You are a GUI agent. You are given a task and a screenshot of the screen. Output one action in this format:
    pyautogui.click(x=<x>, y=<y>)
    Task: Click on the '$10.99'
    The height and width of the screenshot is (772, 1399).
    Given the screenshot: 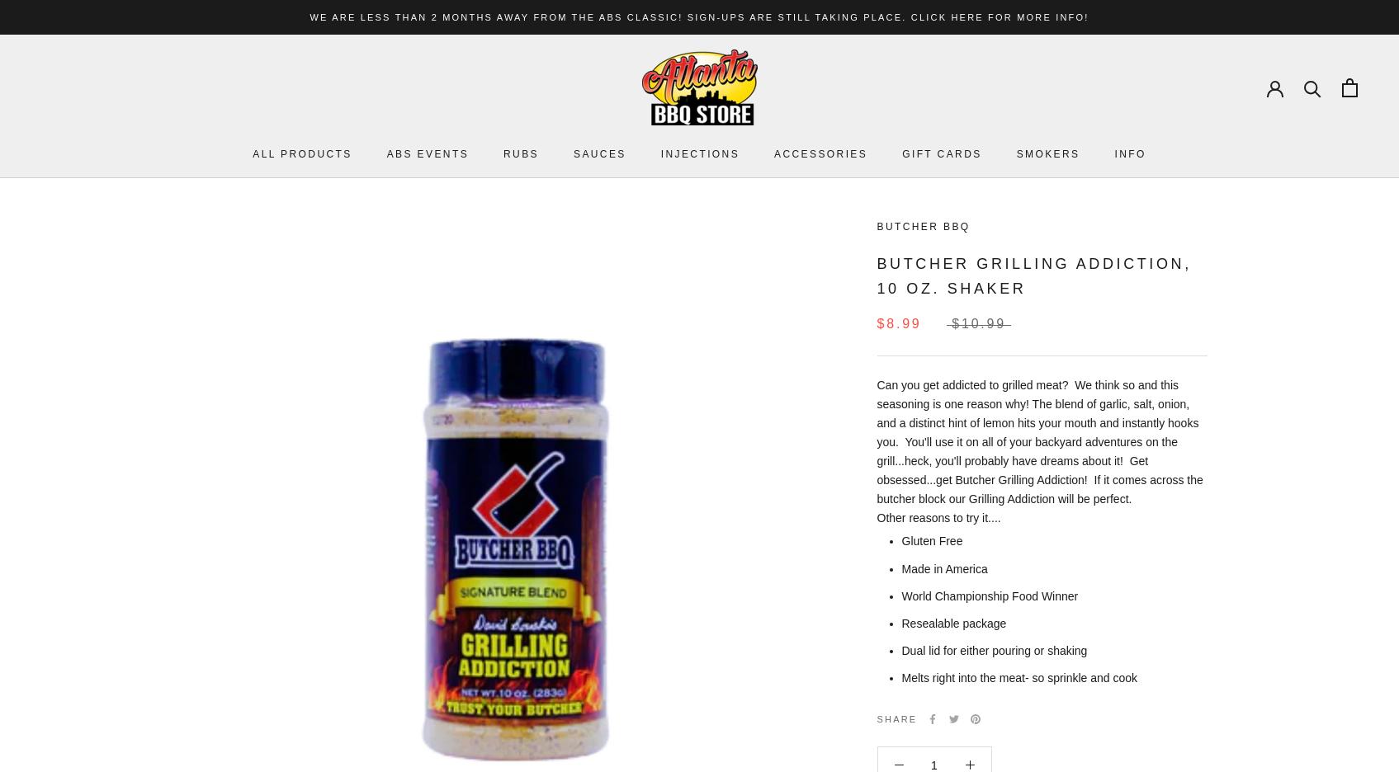 What is the action you would take?
    pyautogui.click(x=978, y=322)
    